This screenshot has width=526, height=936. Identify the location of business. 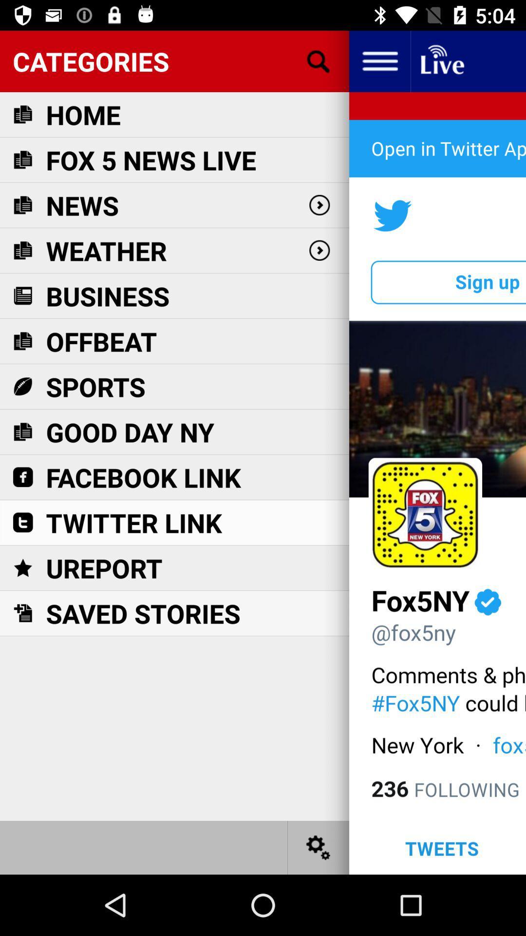
(108, 295).